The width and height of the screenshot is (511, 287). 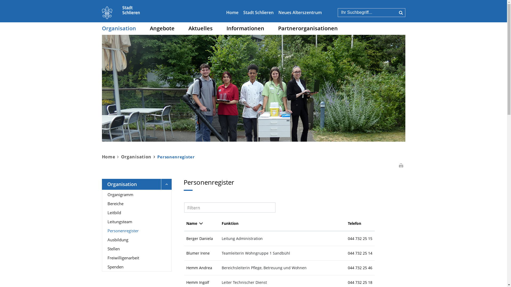 What do you see at coordinates (348, 238) in the screenshot?
I see `'044 732 25 15'` at bounding box center [348, 238].